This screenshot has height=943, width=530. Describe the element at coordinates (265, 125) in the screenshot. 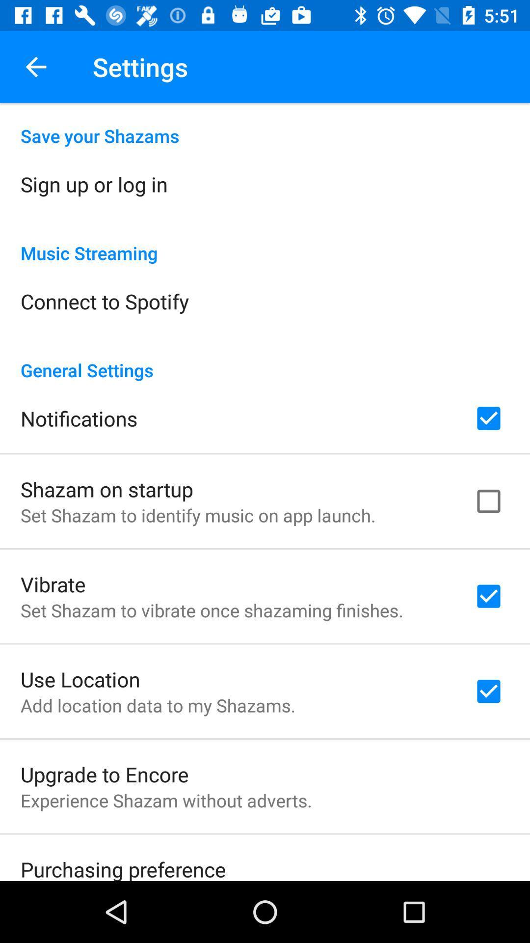

I see `the save your shazams item` at that location.